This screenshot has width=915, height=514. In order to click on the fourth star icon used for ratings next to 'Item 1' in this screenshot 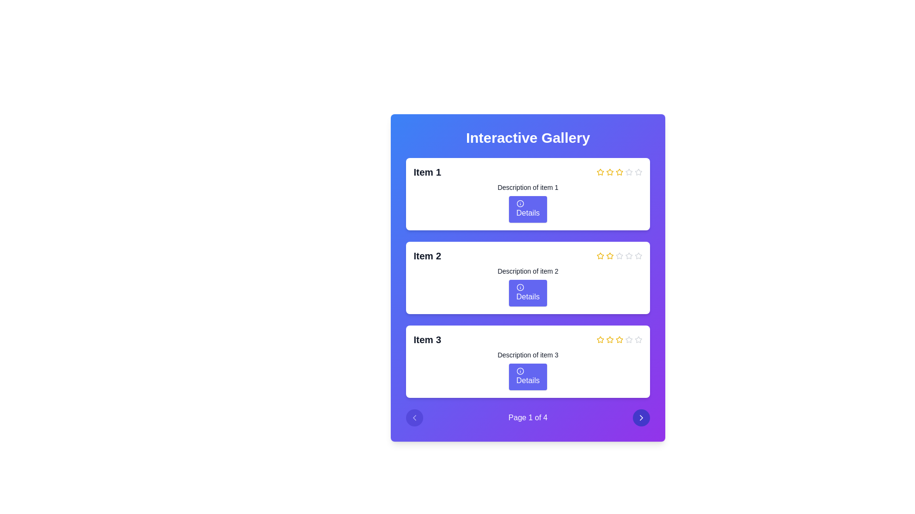, I will do `click(629, 172)`.